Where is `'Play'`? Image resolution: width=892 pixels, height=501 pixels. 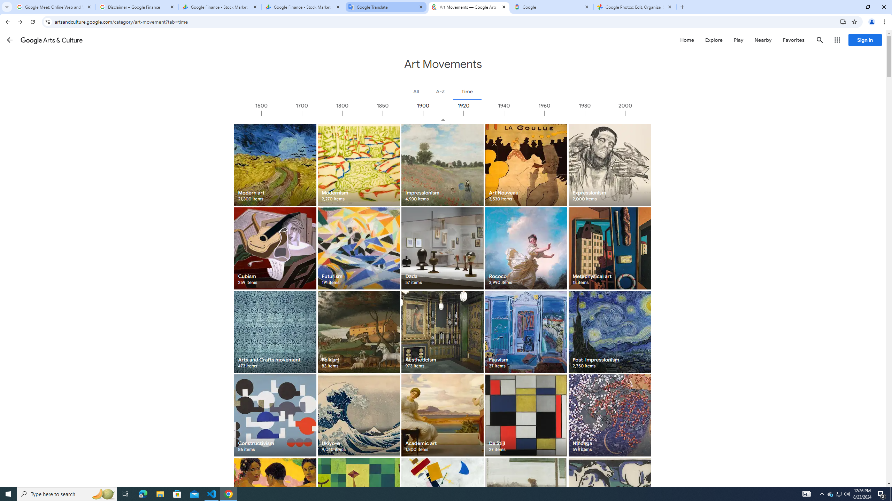 'Play' is located at coordinates (738, 40).